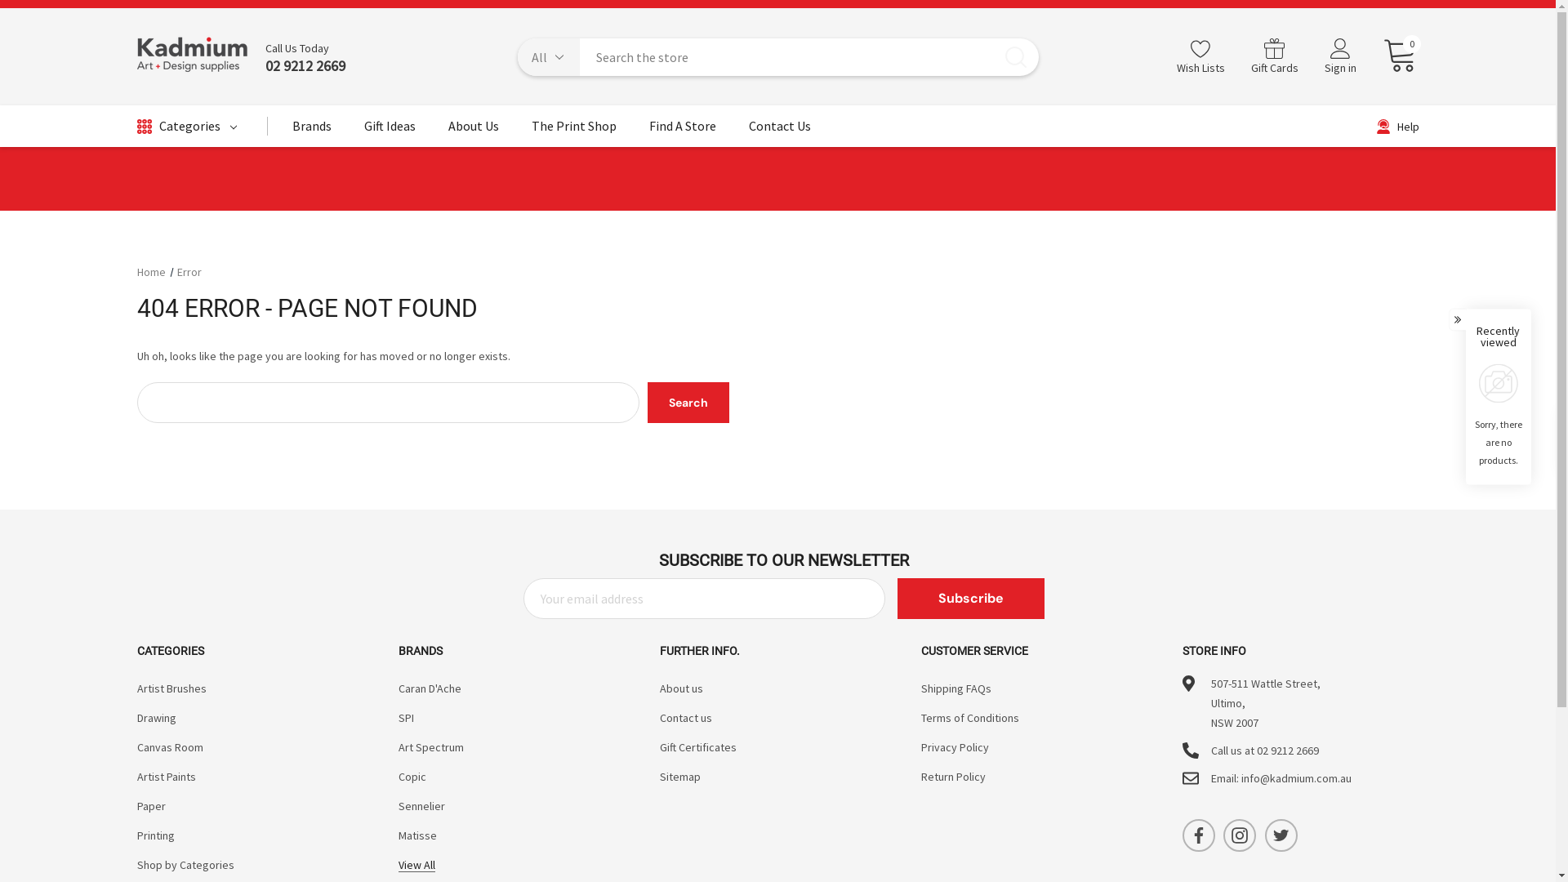  Describe the element at coordinates (1162, 56) in the screenshot. I see `'Wish Lists'` at that location.